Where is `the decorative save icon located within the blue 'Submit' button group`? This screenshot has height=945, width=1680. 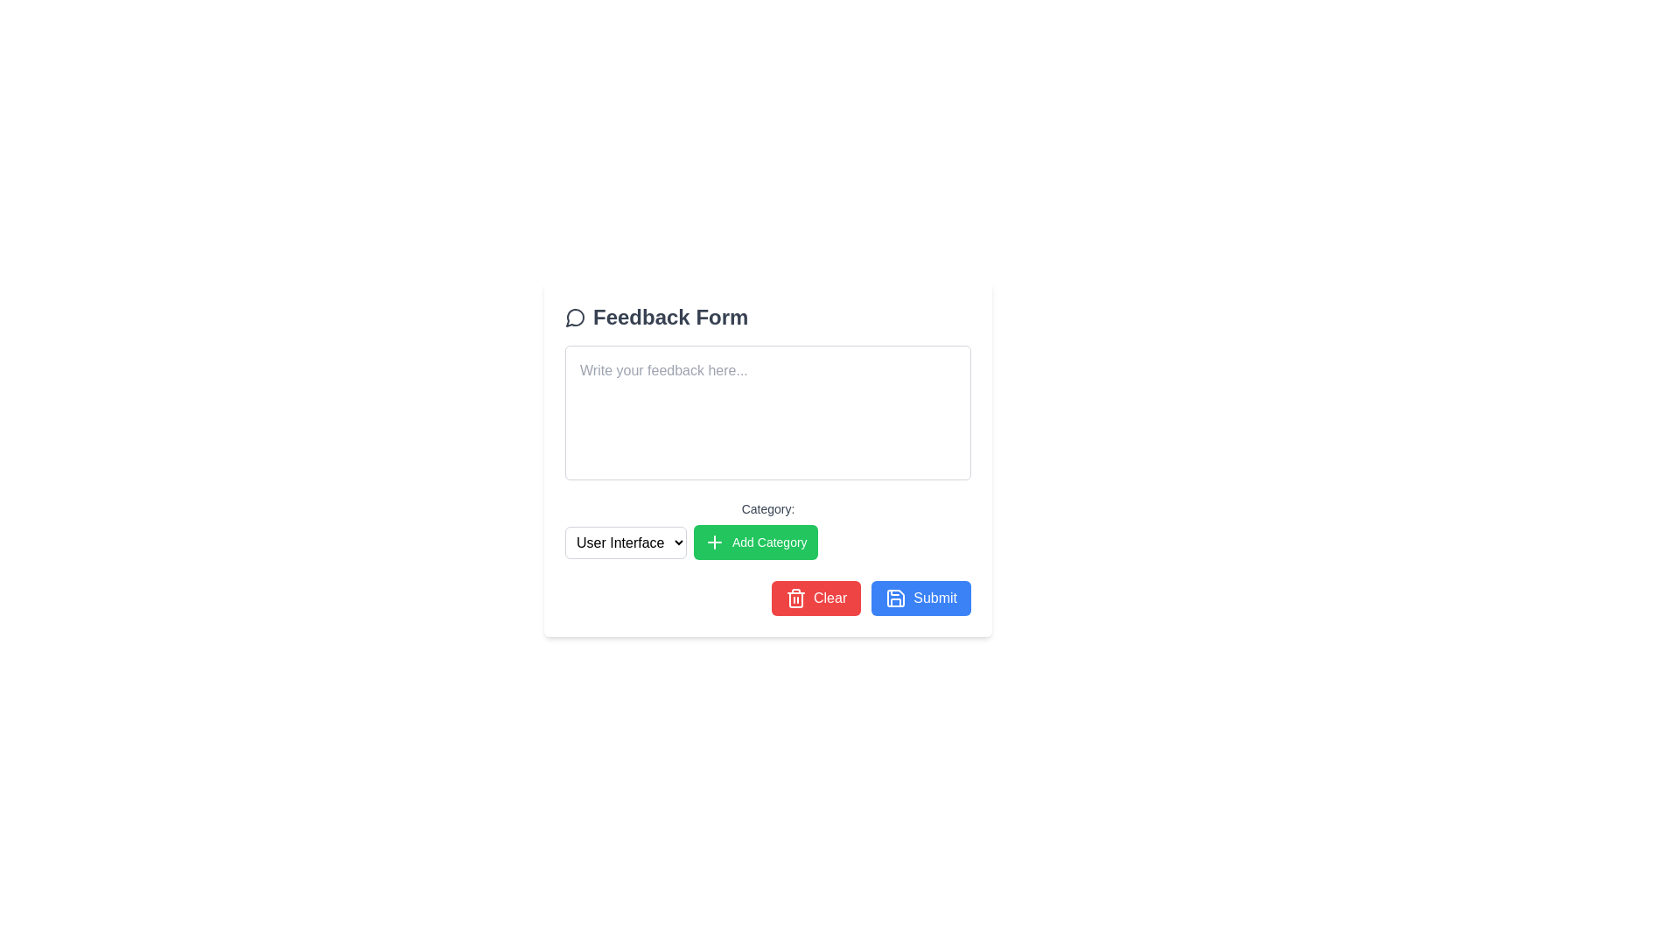
the decorative save icon located within the blue 'Submit' button group is located at coordinates (896, 597).